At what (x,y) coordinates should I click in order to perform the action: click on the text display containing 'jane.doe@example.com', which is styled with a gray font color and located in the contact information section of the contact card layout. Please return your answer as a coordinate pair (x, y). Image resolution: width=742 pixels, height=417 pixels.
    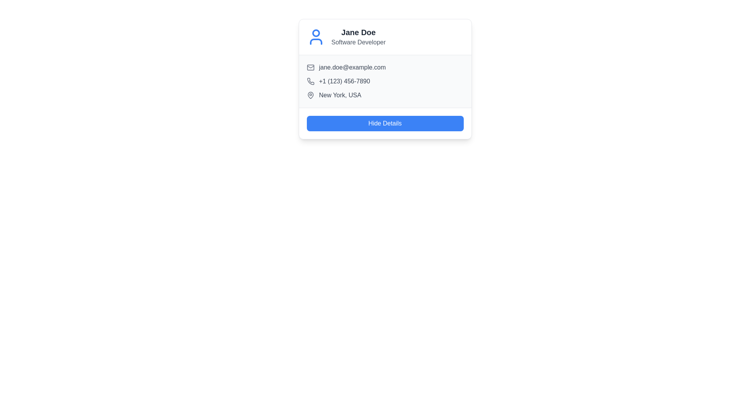
    Looking at the image, I should click on (352, 67).